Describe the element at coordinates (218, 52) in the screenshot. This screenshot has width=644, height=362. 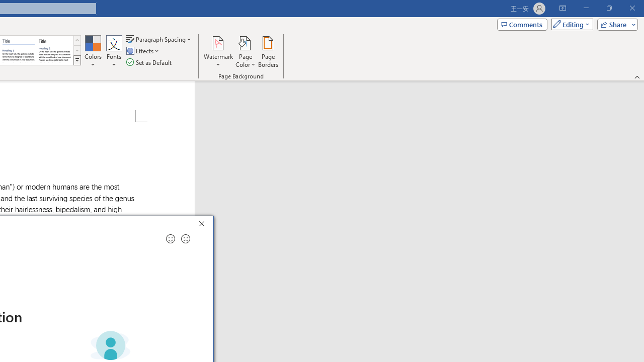
I see `'Watermark'` at that location.